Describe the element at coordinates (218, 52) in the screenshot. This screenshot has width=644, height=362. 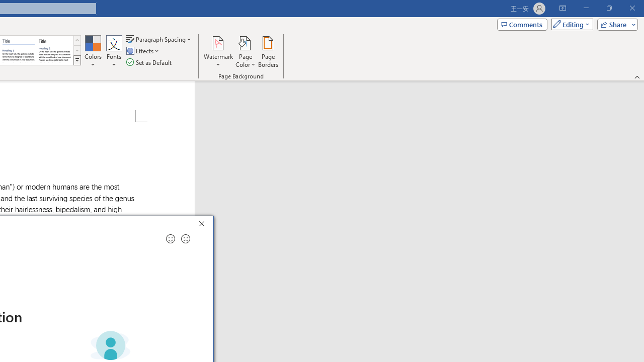
I see `'Watermark'` at that location.